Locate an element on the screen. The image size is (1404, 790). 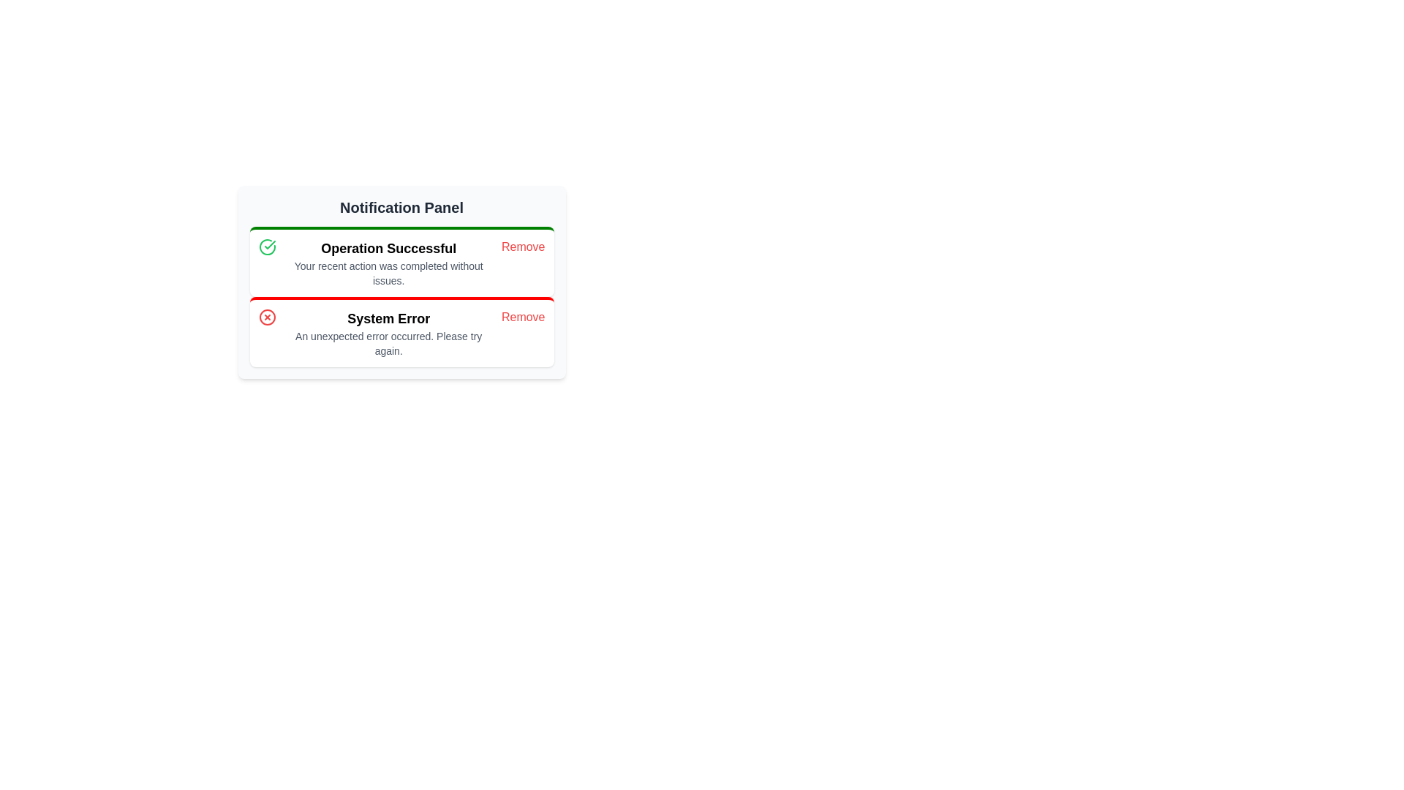
the 'Operation Successful' text label in the green-bordered notification panel, which indicates a success message is located at coordinates (388, 247).